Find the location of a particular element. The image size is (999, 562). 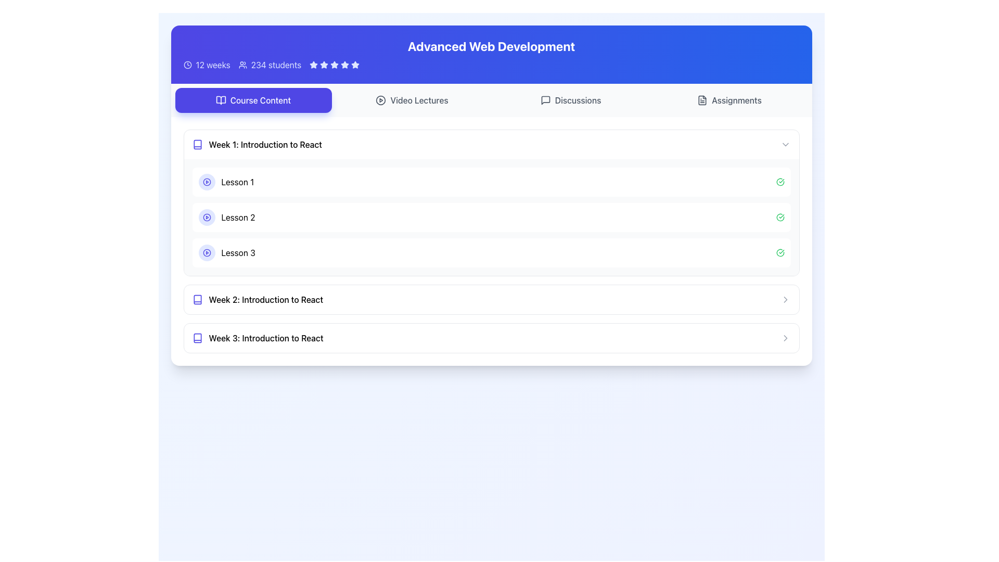

the second filled blue star icon in the rating system located in the top-right portion of the blue header bar is located at coordinates (313, 64).